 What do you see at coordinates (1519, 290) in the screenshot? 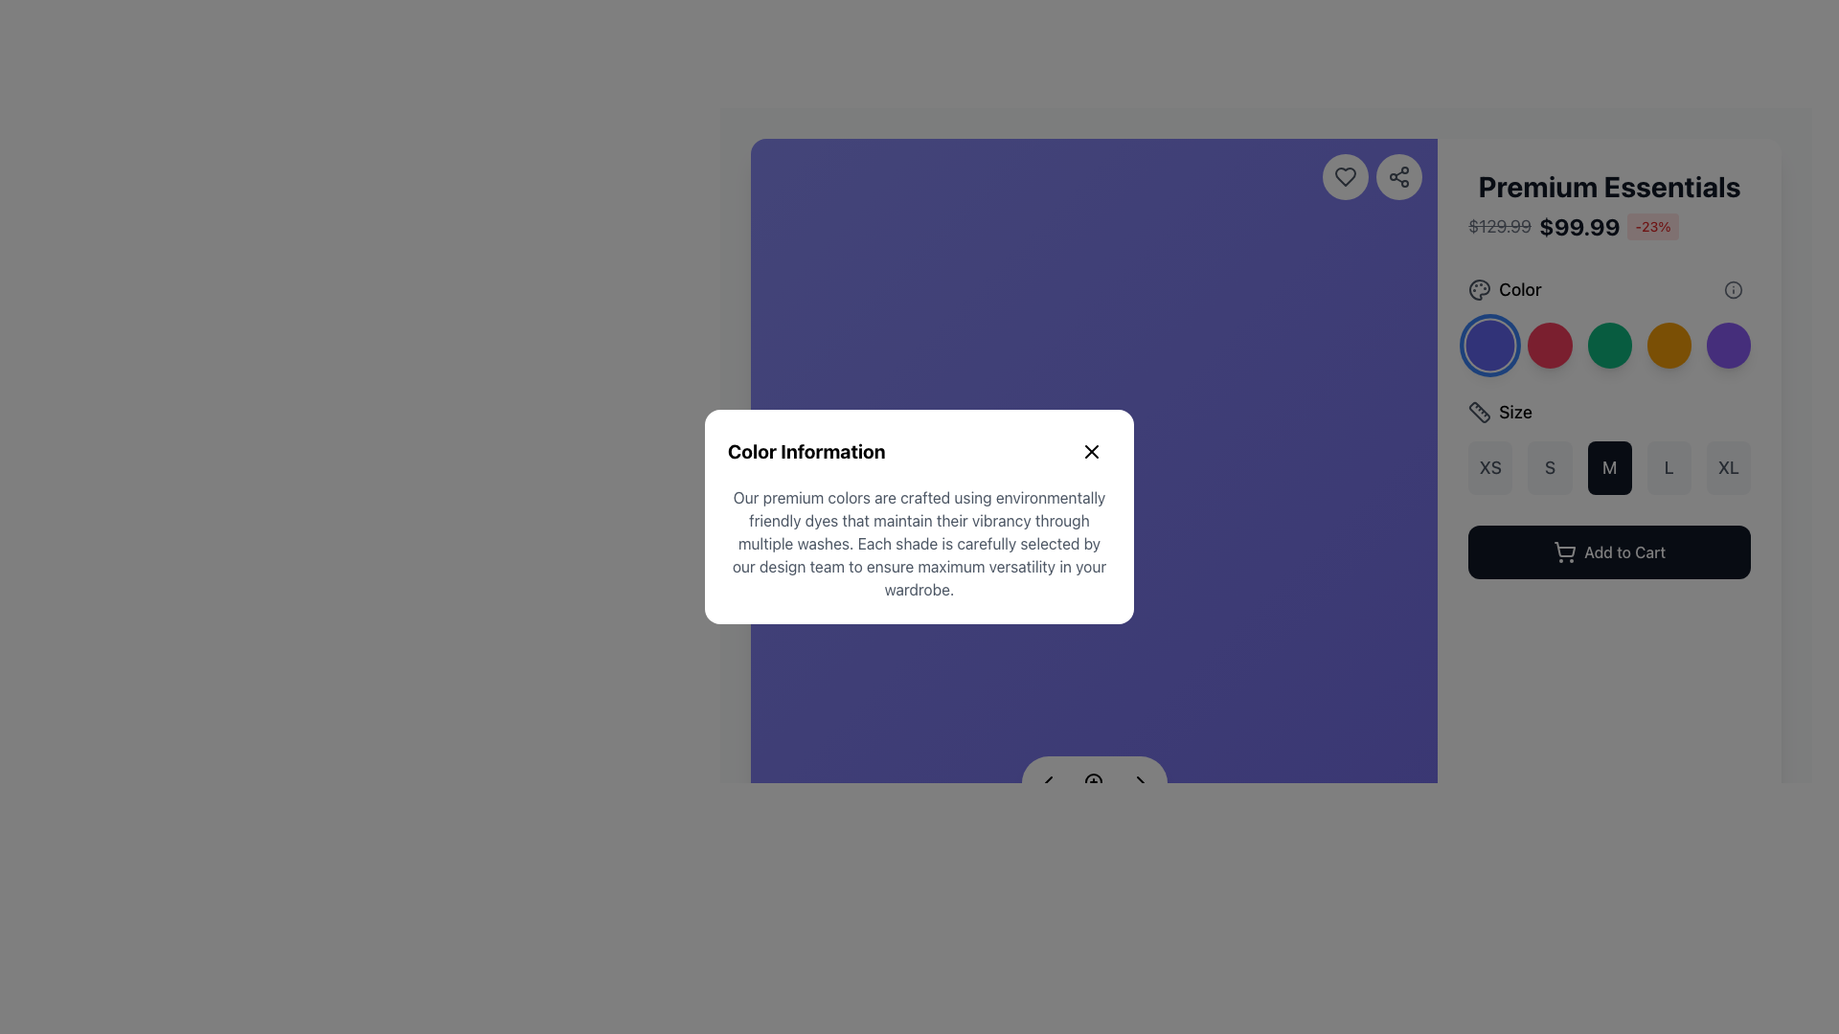
I see `text label displaying 'Color' to understand the context, located next to the color palette icon` at bounding box center [1519, 290].